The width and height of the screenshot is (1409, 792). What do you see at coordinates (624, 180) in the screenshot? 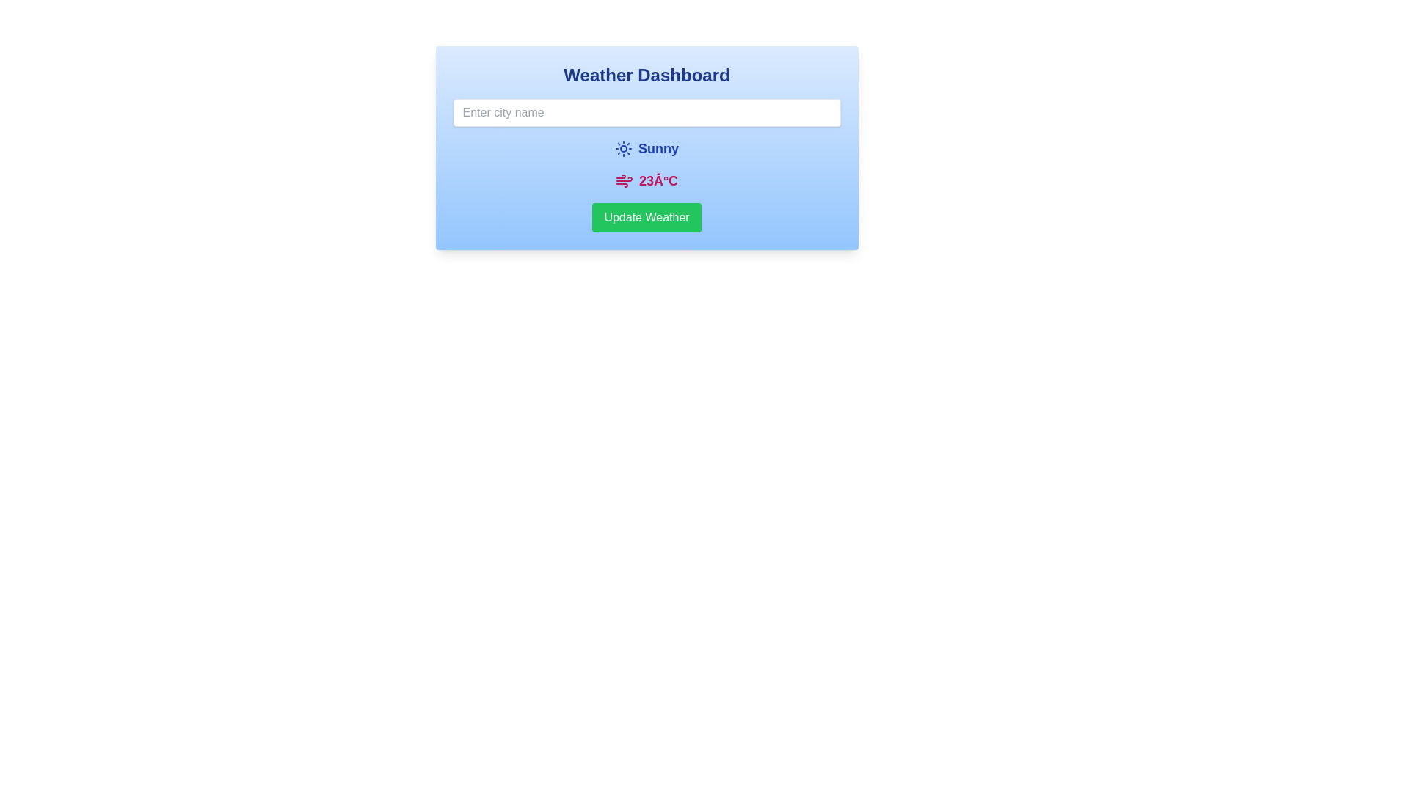
I see `the wind icon located immediately to the left of the '23°C' text in the temperature display` at bounding box center [624, 180].